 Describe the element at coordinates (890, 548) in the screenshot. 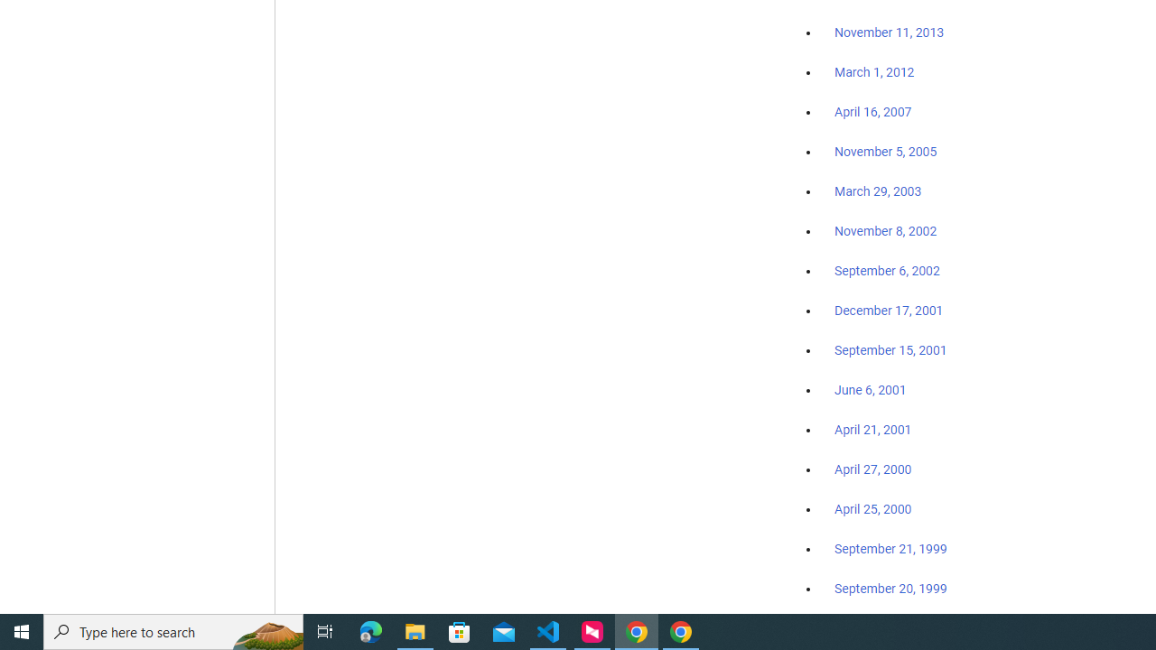

I see `'September 21, 1999'` at that location.